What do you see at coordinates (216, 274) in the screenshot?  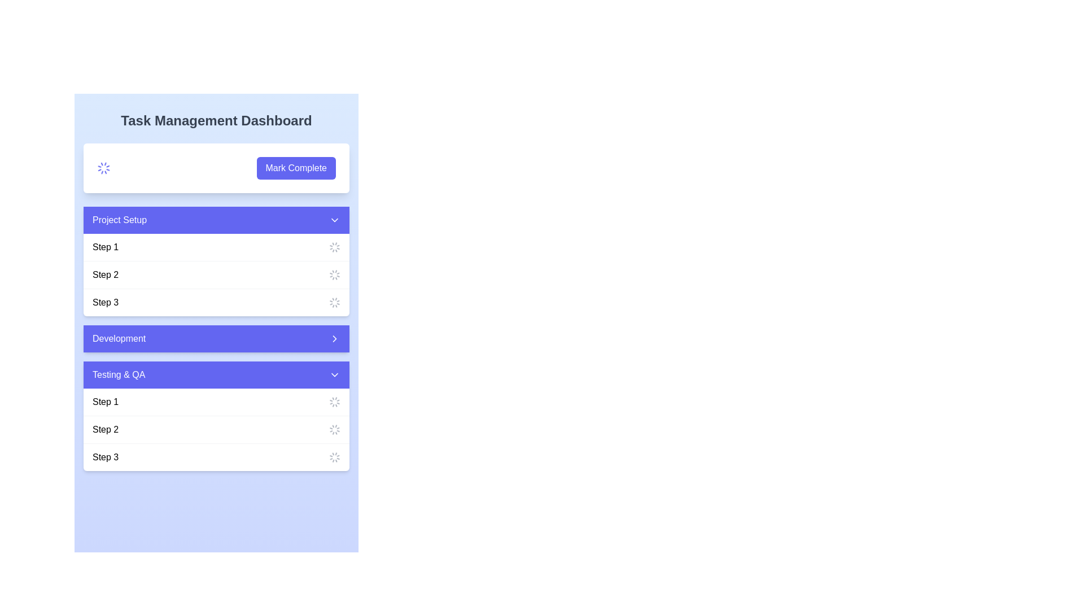 I see `'Step 2'` at bounding box center [216, 274].